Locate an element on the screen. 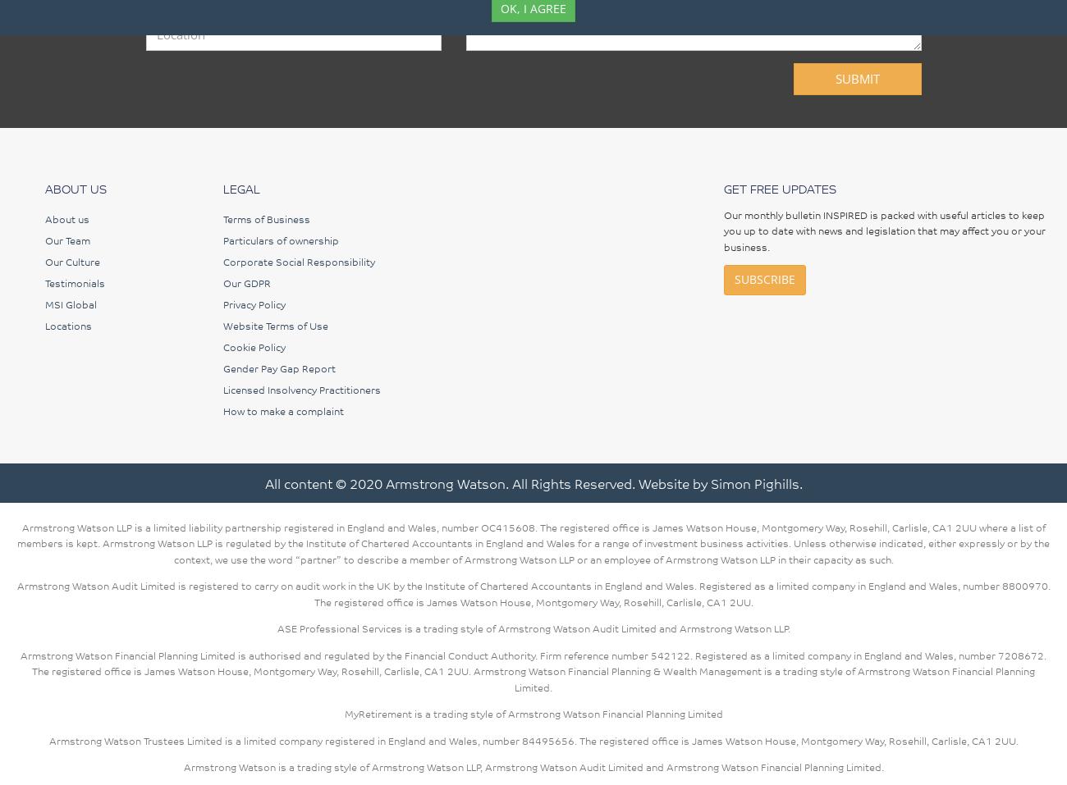 The image size is (1067, 785). 'How to make a complaint' is located at coordinates (282, 409).